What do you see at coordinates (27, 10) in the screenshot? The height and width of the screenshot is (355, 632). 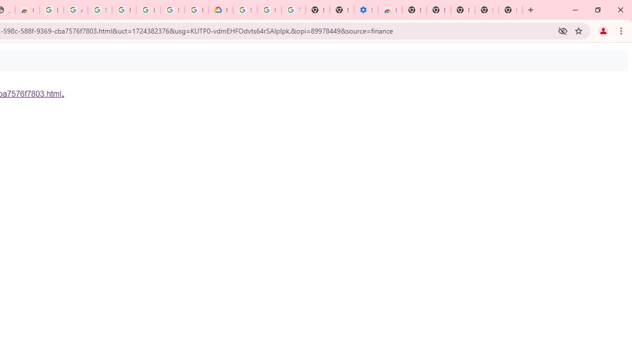 I see `'Chrome Web Store - Household'` at bounding box center [27, 10].